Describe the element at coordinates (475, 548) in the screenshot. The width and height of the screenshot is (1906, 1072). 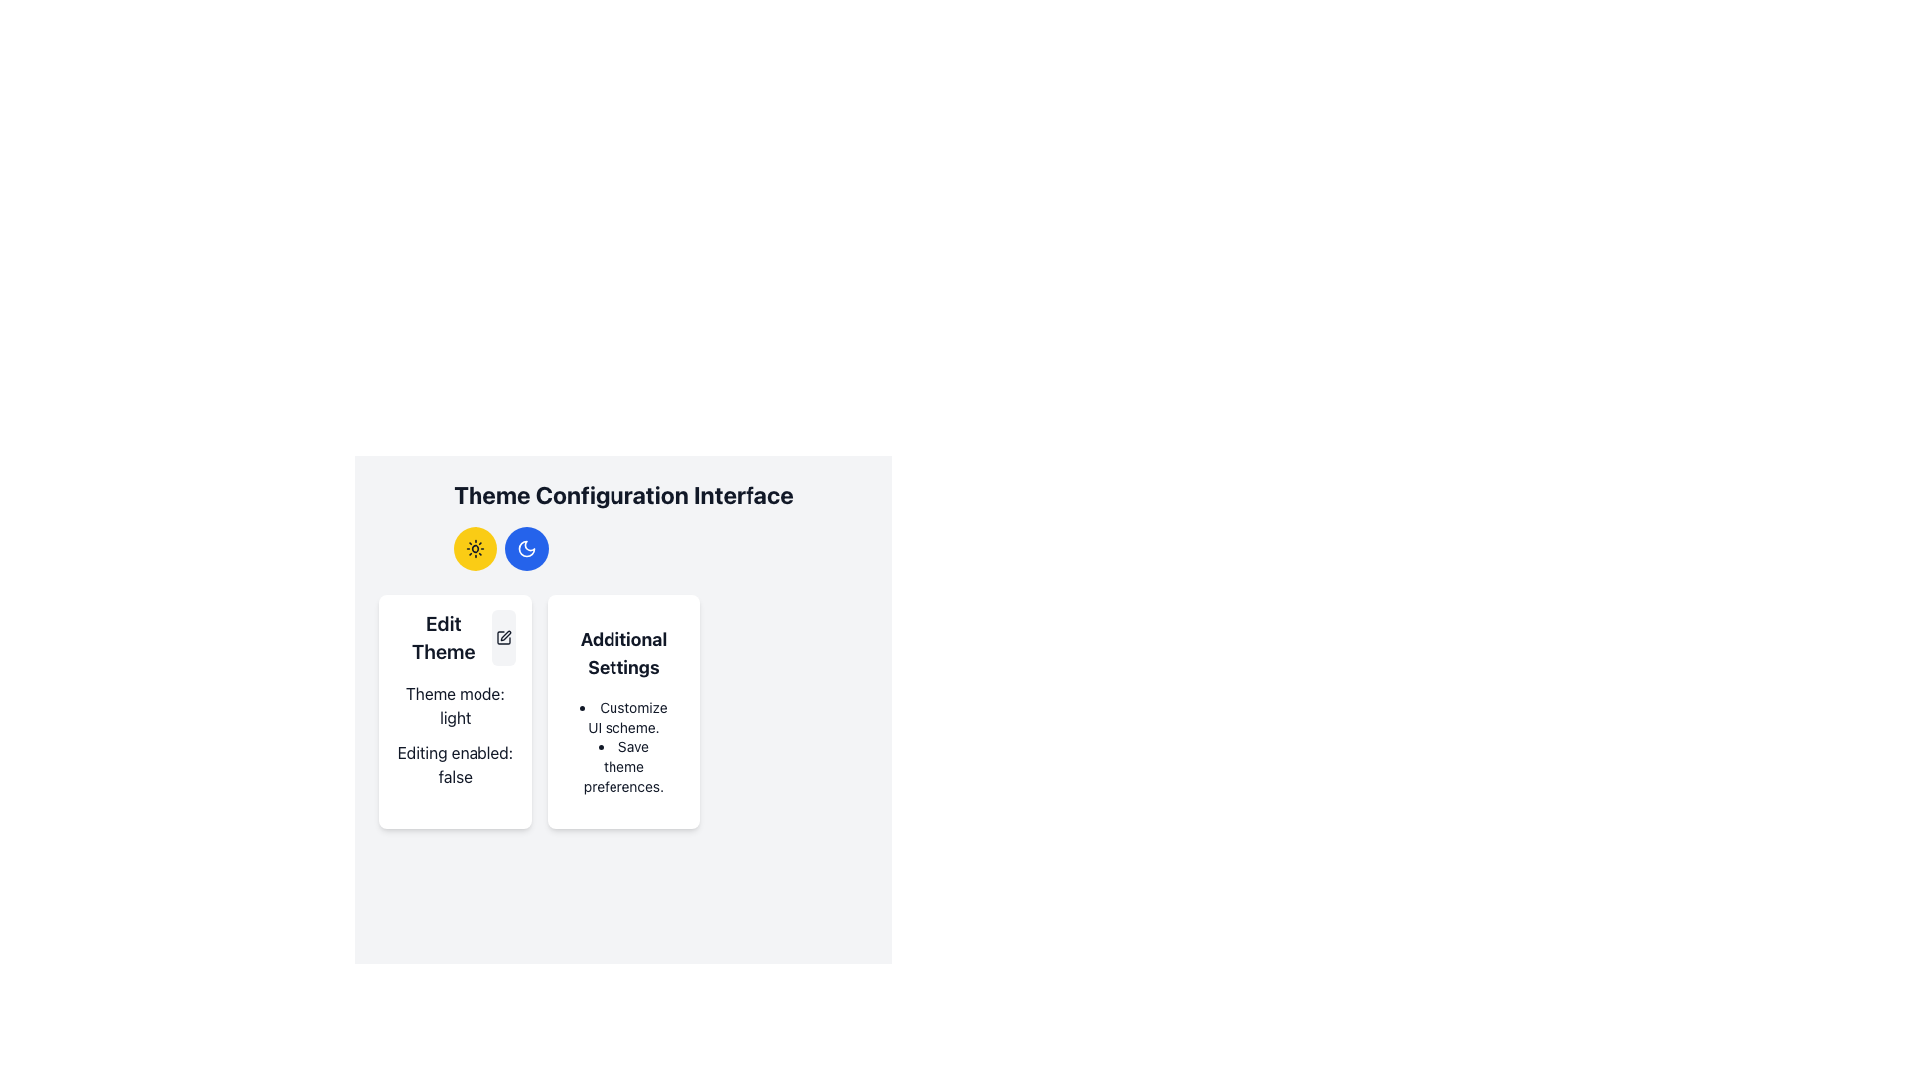
I see `the light mode button located under the 'Theme Configuration Interface' header for keyboard interaction` at that location.